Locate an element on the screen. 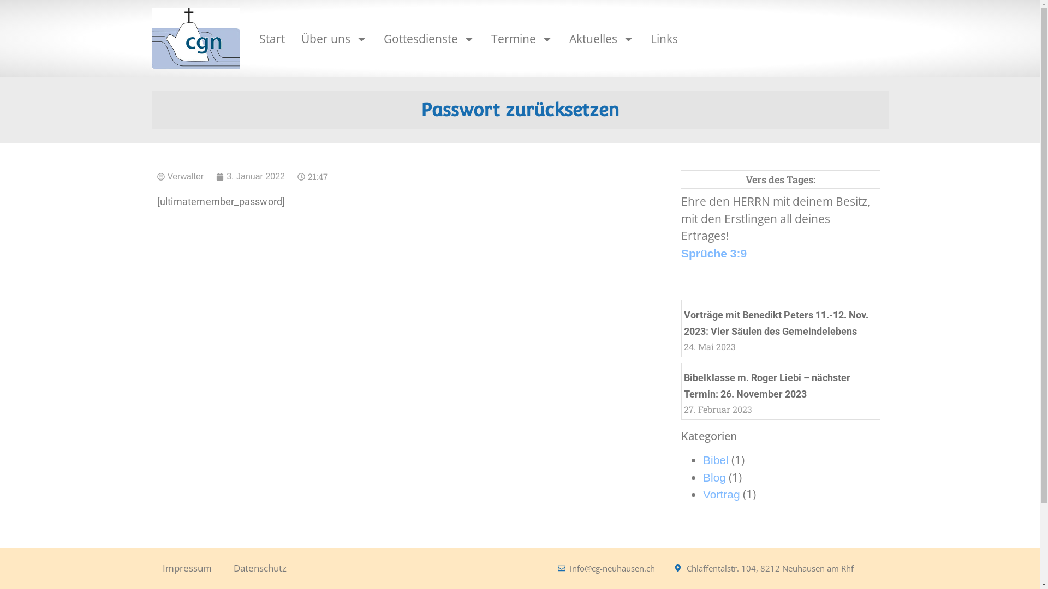 The image size is (1048, 589). 'info@cg-neuhausen.ch' is located at coordinates (606, 568).